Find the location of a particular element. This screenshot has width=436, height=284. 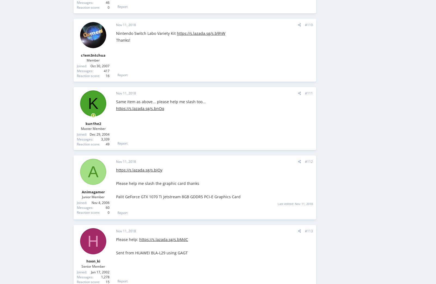

'Palit GeForce GTX 1070 Ti Jetstream 8GB GDDR5 PCI-E Graphics Card' is located at coordinates (116, 197).